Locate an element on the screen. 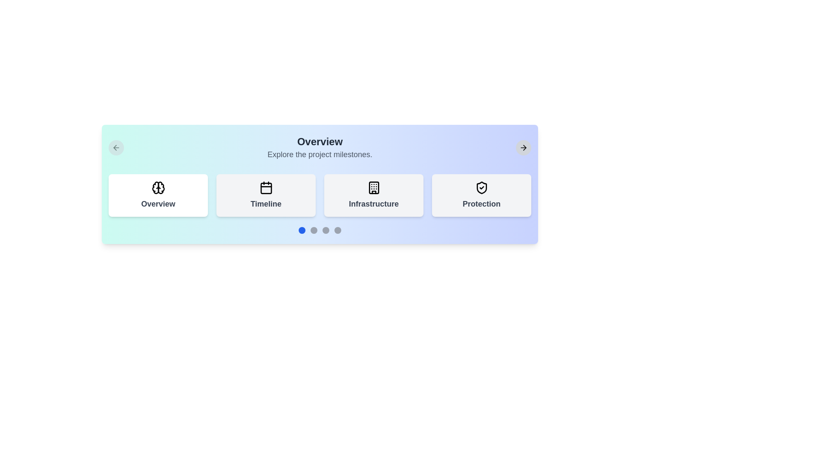  the Icon representation of a building located in the third slot from the left in the horizontal menu within the 'Infrastructure' menu option is located at coordinates (374, 187).